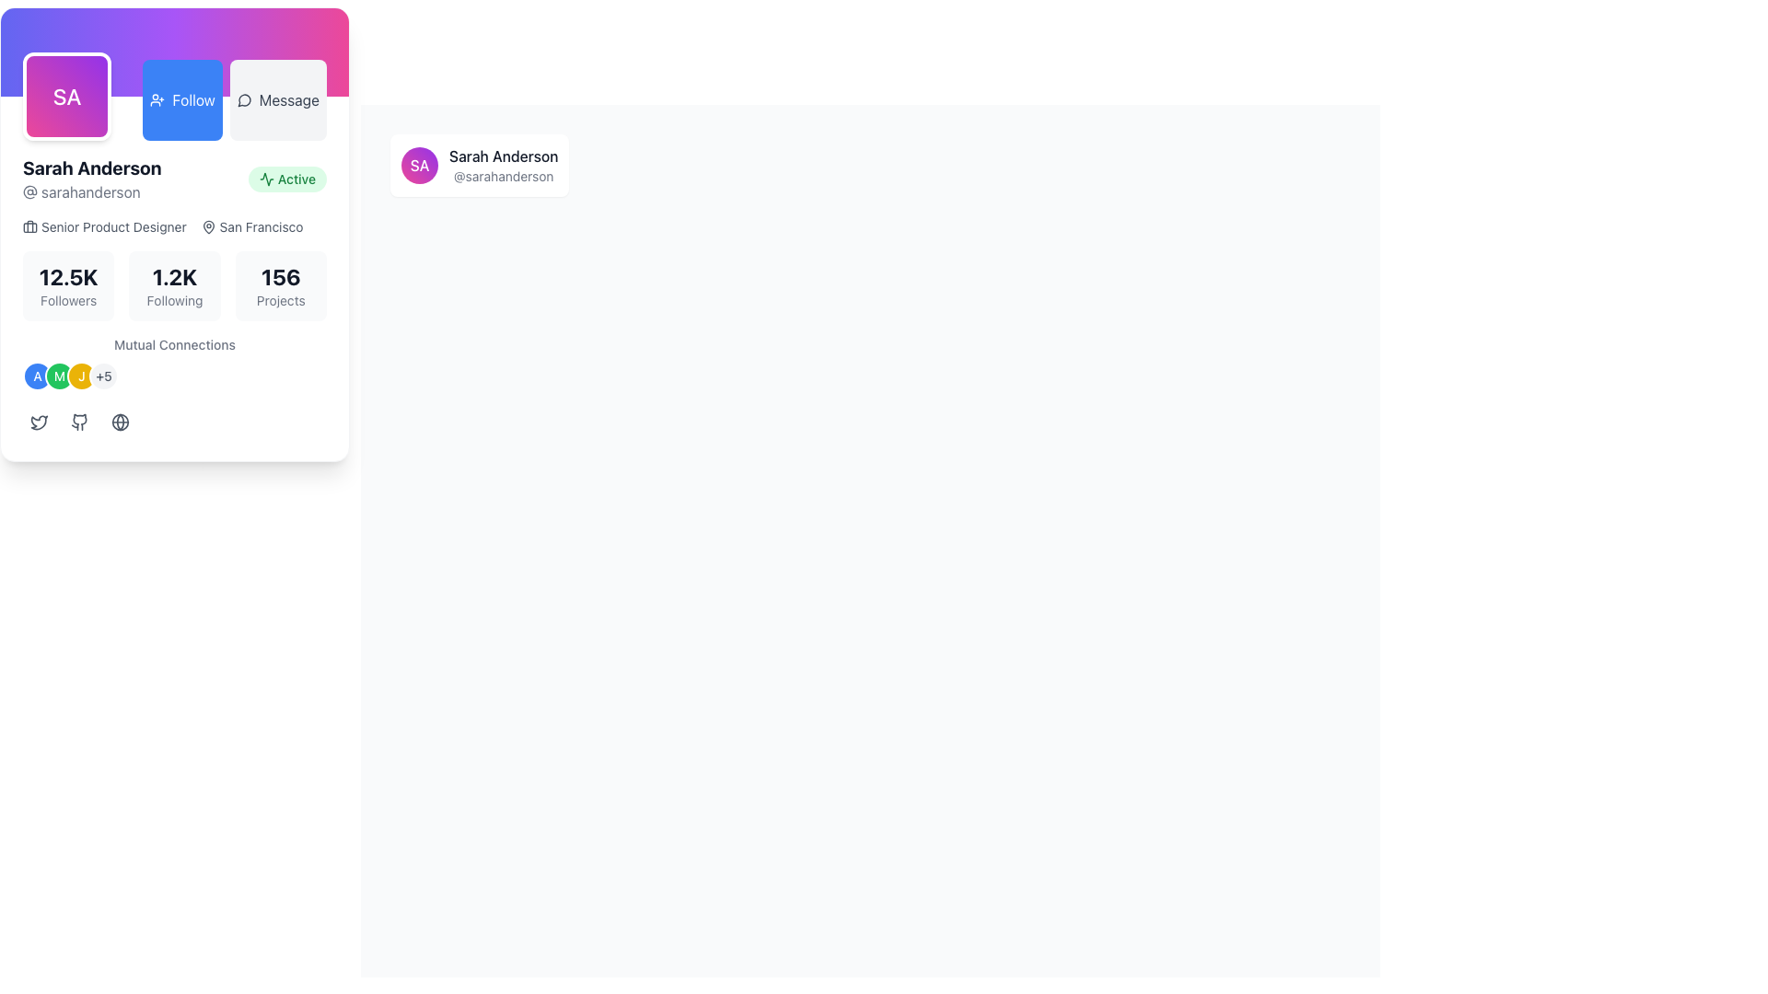  What do you see at coordinates (78, 422) in the screenshot?
I see `the GitHub icon located at the bottom of the user's profile dialog box` at bounding box center [78, 422].